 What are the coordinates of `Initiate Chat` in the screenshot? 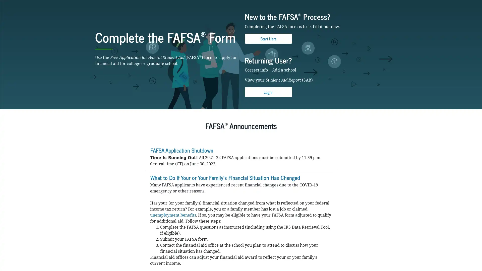 It's located at (465, 254).